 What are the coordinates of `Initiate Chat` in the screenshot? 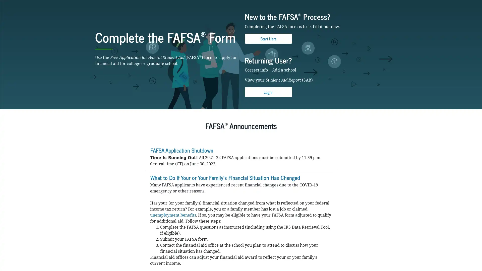 It's located at (465, 254).